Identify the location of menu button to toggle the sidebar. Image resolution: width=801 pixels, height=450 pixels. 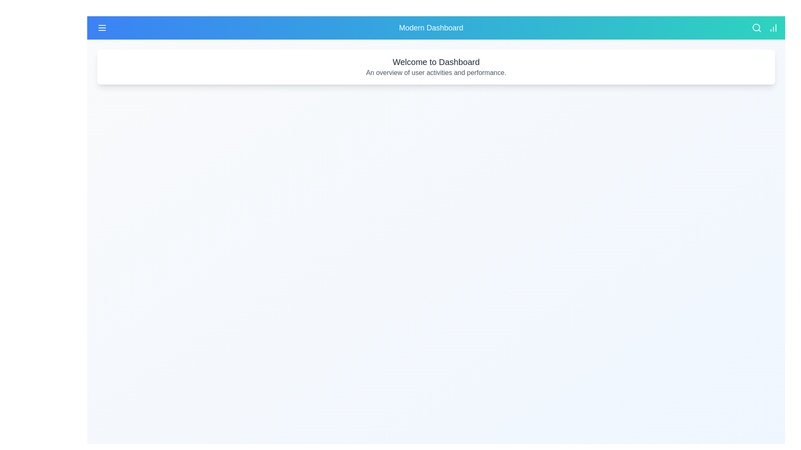
(101, 27).